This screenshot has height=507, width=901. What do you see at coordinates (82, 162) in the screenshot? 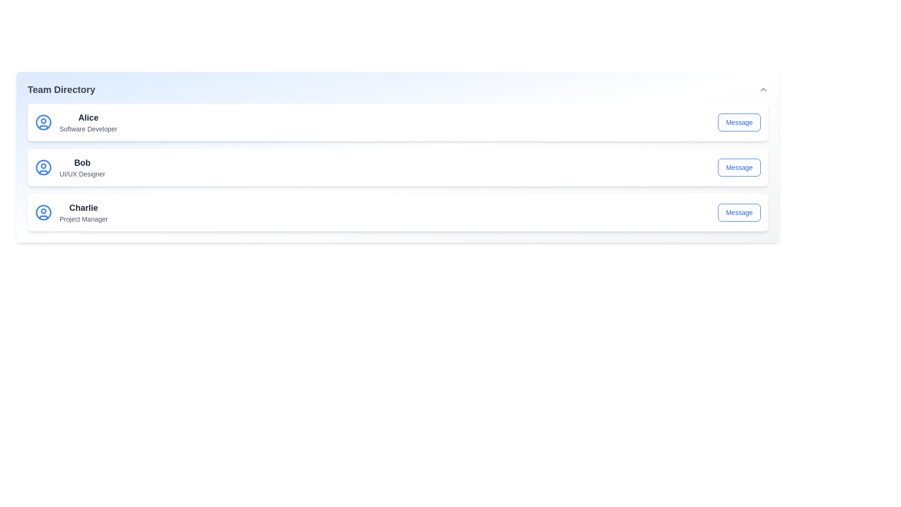
I see `the bold static text label displaying the name 'Bob'` at bounding box center [82, 162].